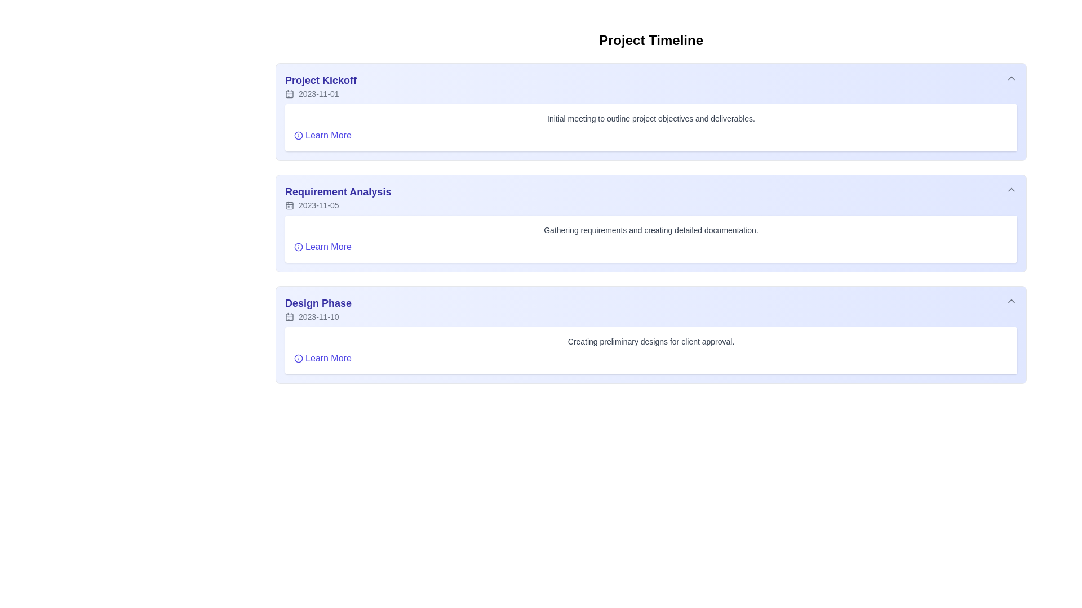 Image resolution: width=1082 pixels, height=608 pixels. I want to click on the header text element that serves as a title or heading, positioned at the top of the page, so click(651, 40).